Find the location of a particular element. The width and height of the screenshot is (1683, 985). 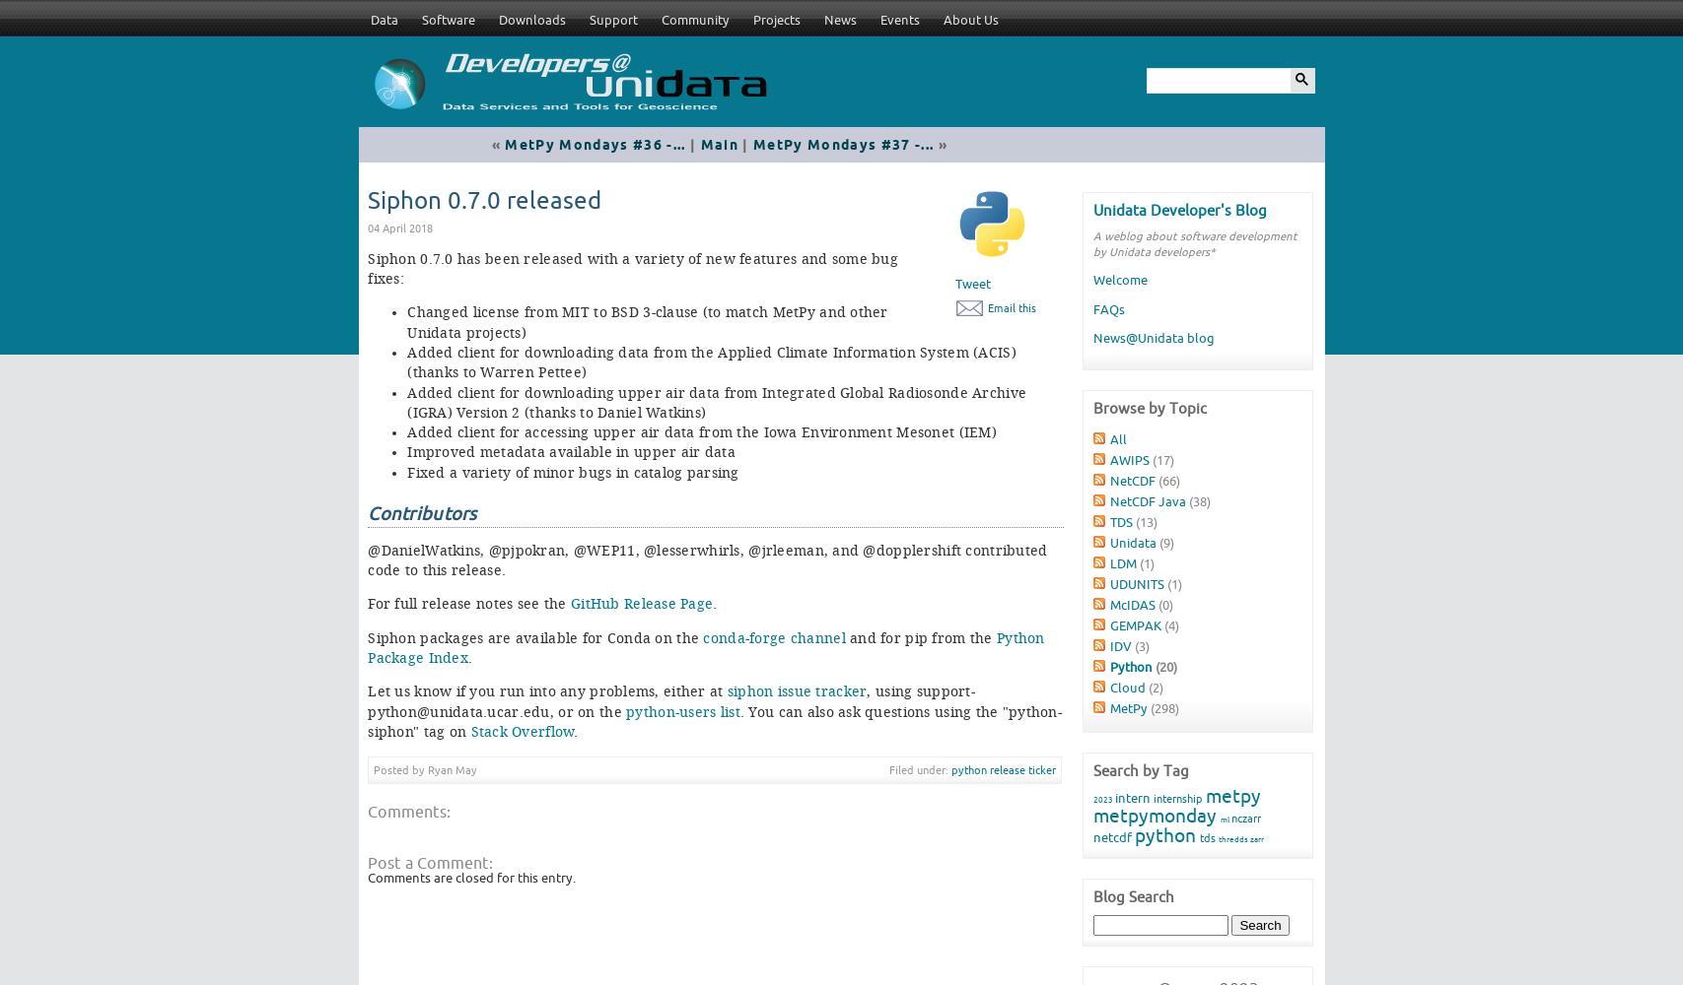

'Search' is located at coordinates (1259, 924).